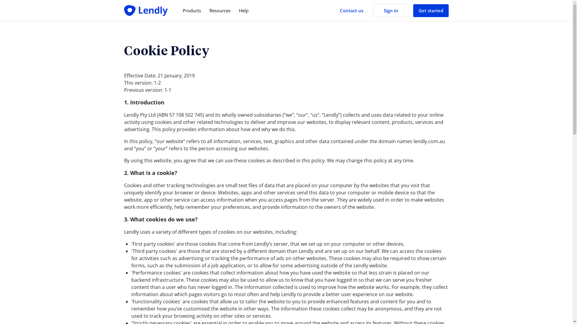 The height and width of the screenshot is (324, 577). Describe the element at coordinates (351, 10) in the screenshot. I see `'Contact us'` at that location.